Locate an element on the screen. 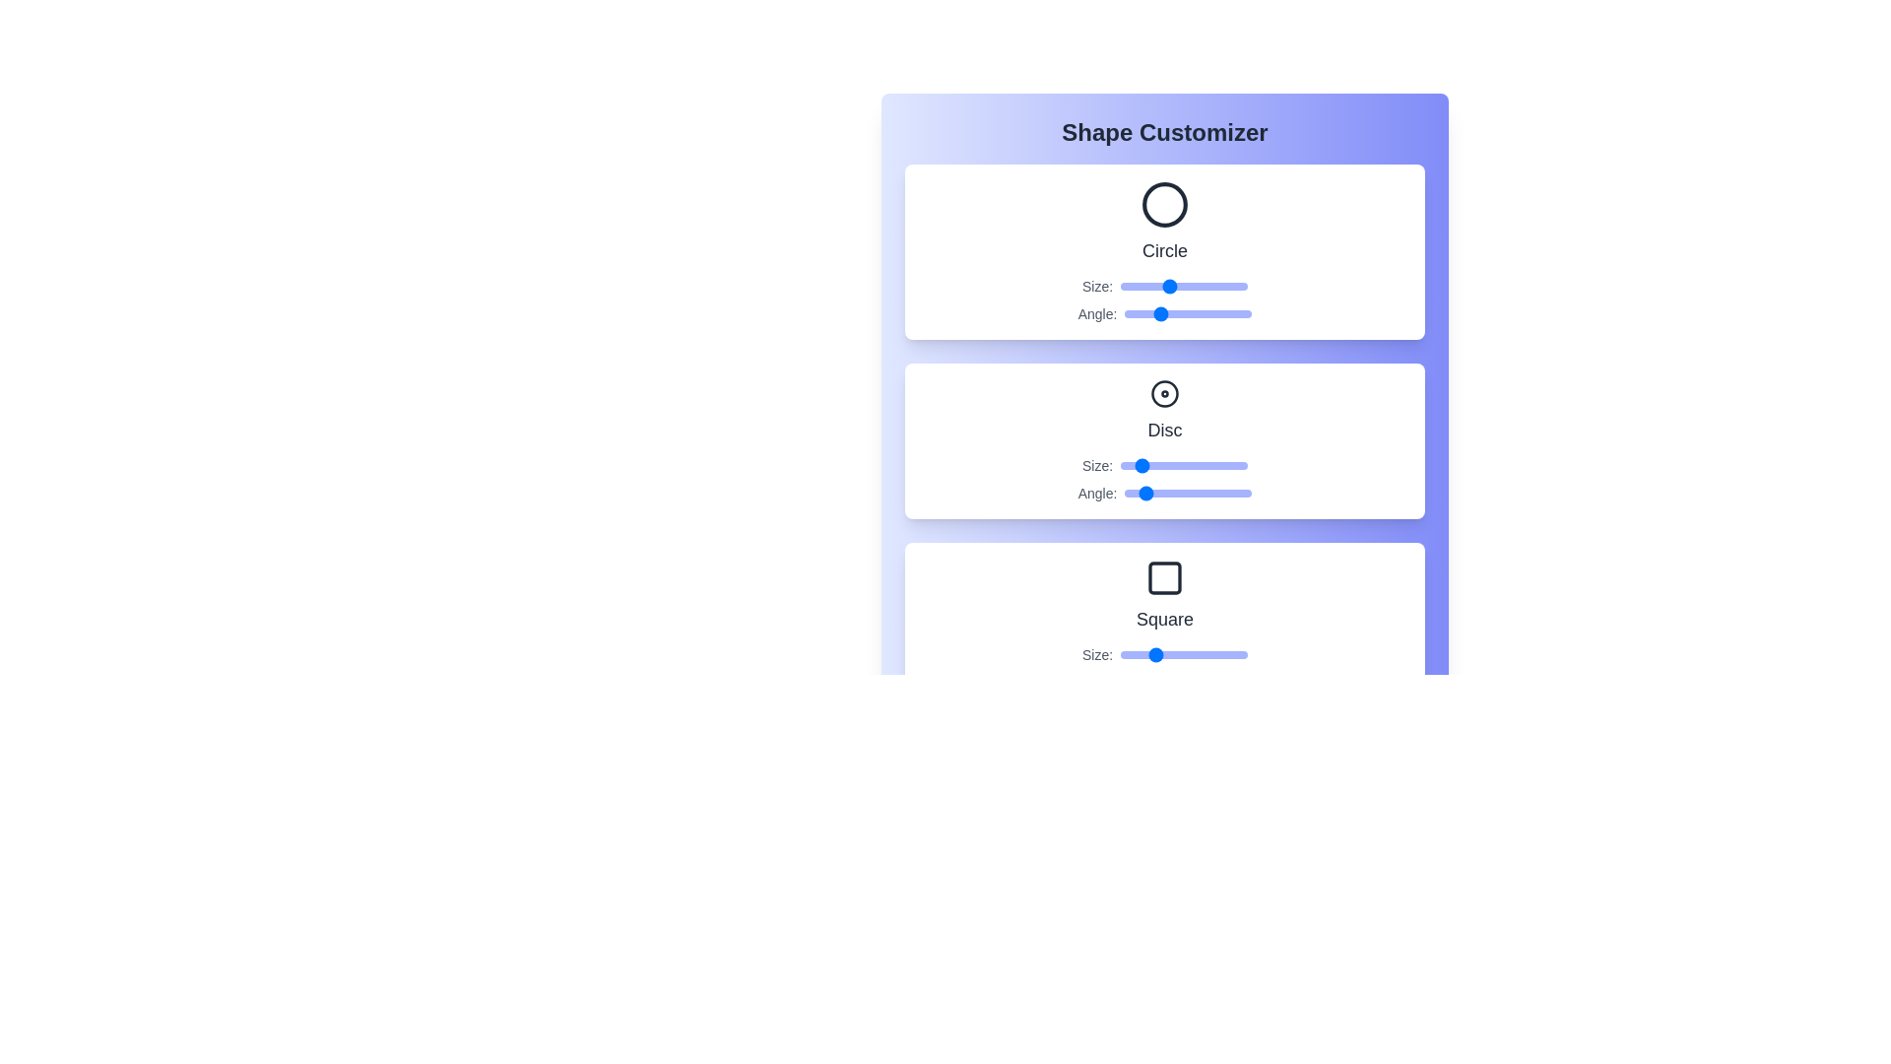  the Circle's angle slider to 295 degrees is located at coordinates (1228, 313).